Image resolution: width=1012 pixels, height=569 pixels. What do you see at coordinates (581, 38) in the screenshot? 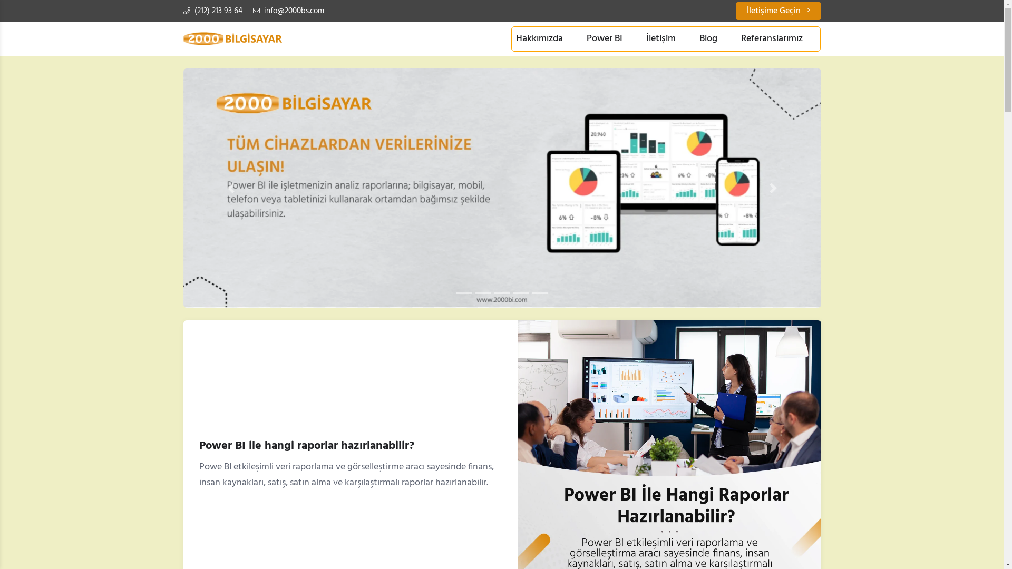
I see `'Power BI'` at bounding box center [581, 38].